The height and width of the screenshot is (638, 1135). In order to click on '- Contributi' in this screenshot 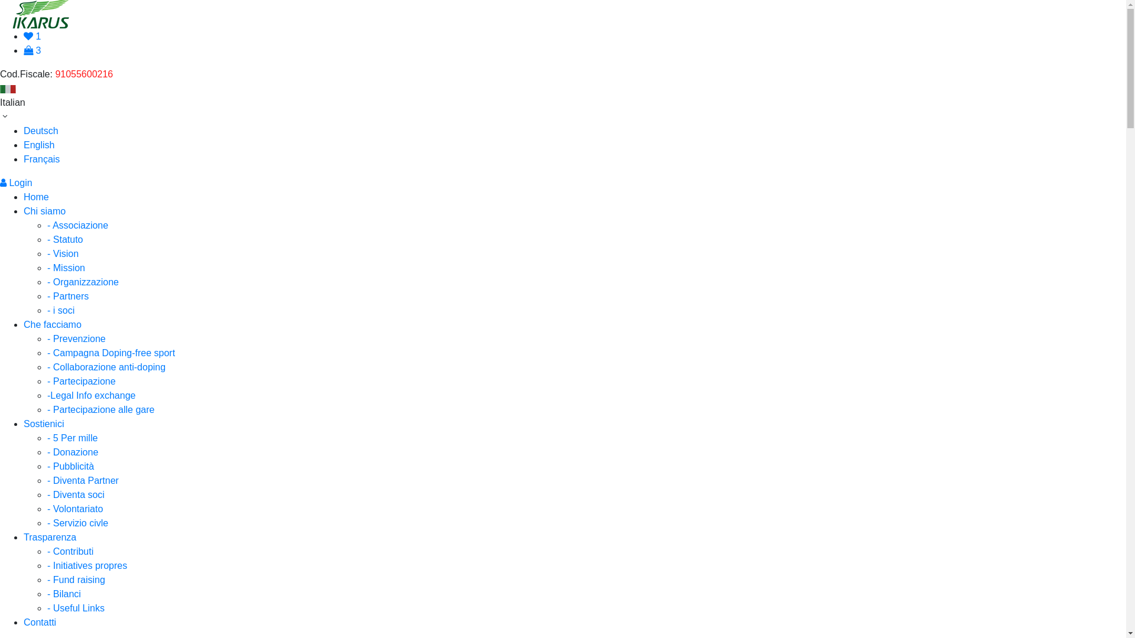, I will do `click(70, 551)`.